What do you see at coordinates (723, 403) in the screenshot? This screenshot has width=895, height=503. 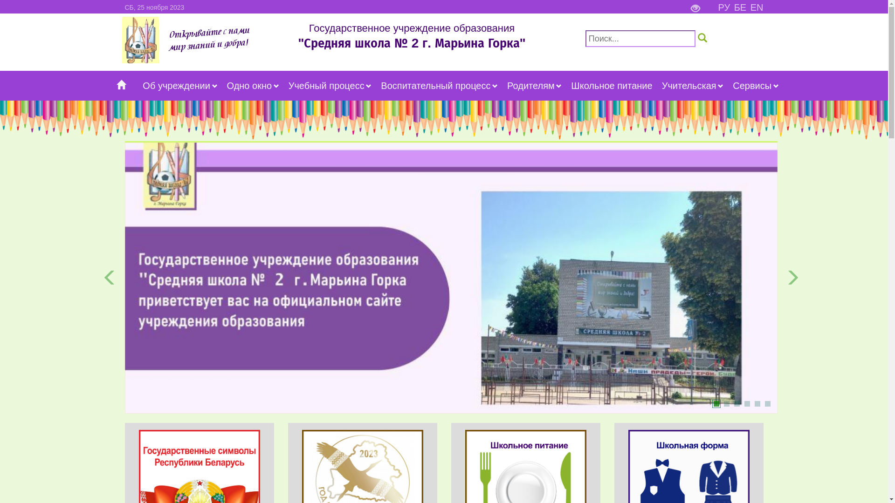 I see `'2'` at bounding box center [723, 403].